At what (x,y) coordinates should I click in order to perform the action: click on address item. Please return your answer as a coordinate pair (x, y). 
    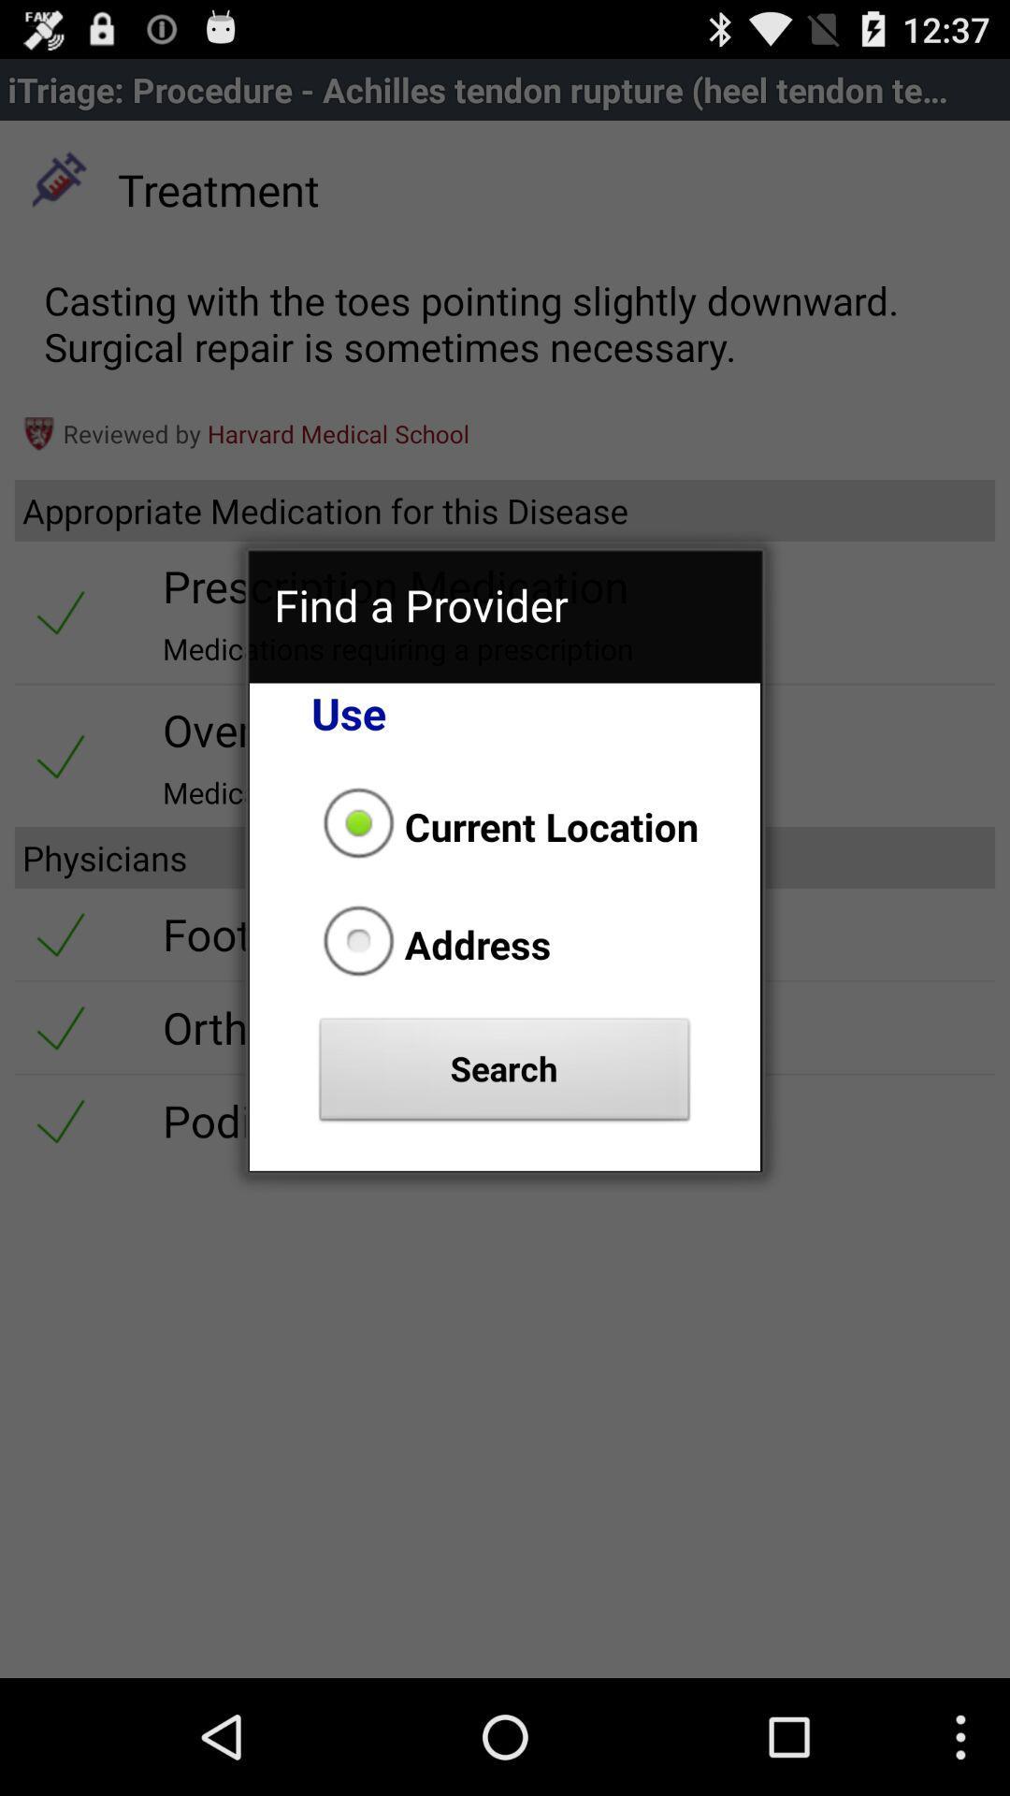
    Looking at the image, I should click on (431, 944).